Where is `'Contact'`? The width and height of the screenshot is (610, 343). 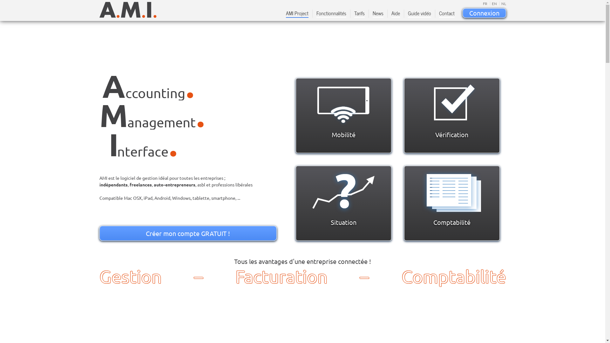
'Contact' is located at coordinates (446, 14).